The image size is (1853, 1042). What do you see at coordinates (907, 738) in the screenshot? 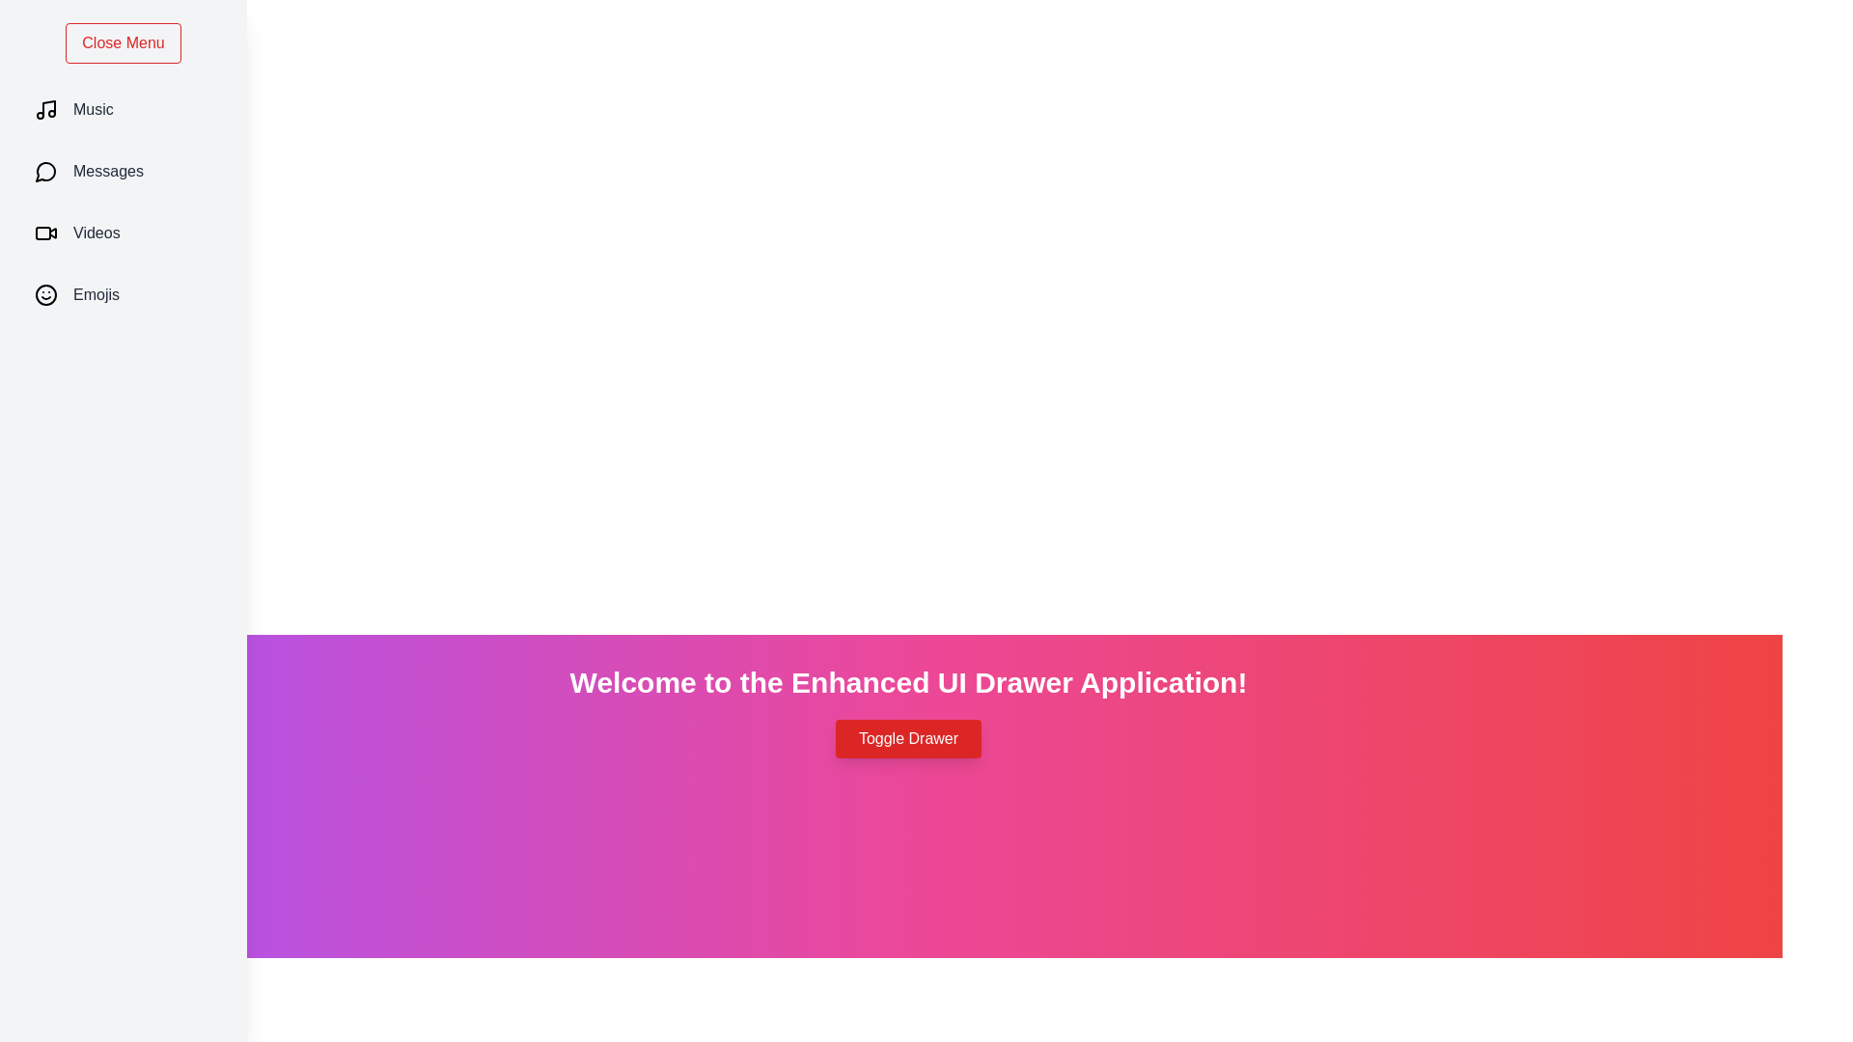
I see `the button labeled 'Toggle Drawer' to toggle the drawer` at bounding box center [907, 738].